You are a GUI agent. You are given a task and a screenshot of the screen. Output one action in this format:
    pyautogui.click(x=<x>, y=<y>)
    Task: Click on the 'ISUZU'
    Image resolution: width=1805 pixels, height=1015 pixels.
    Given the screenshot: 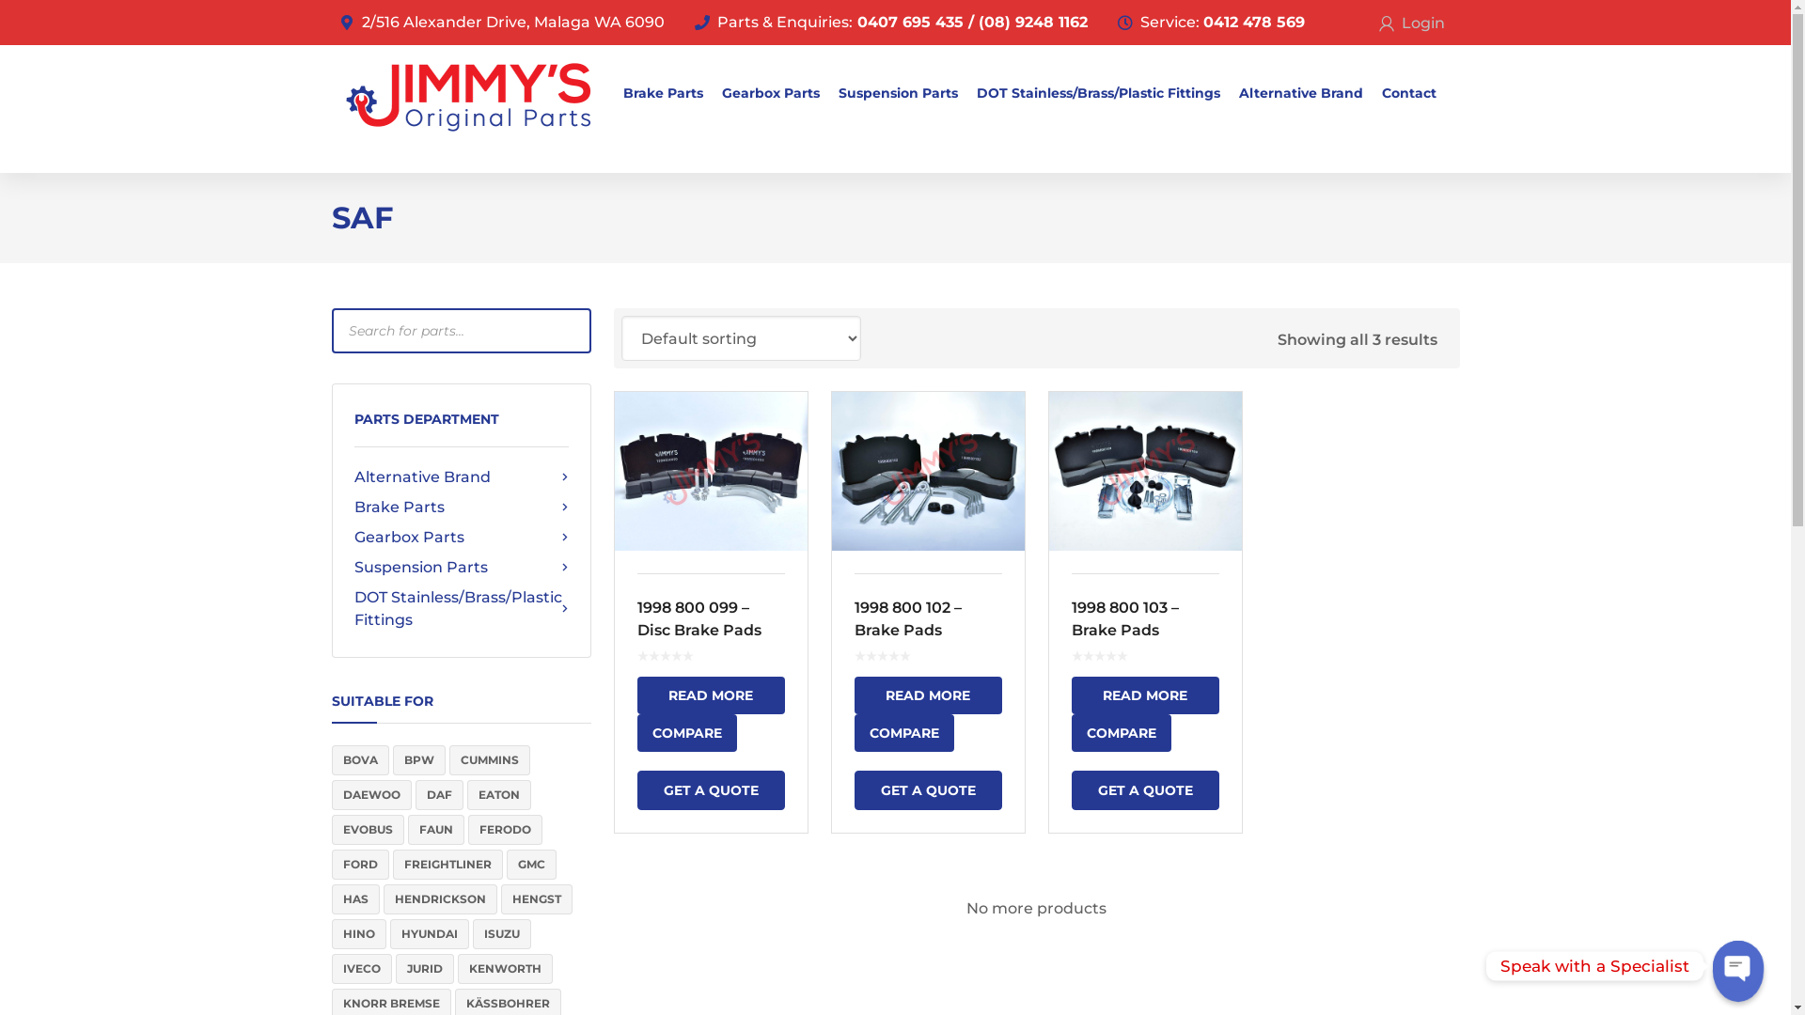 What is the action you would take?
    pyautogui.click(x=500, y=934)
    